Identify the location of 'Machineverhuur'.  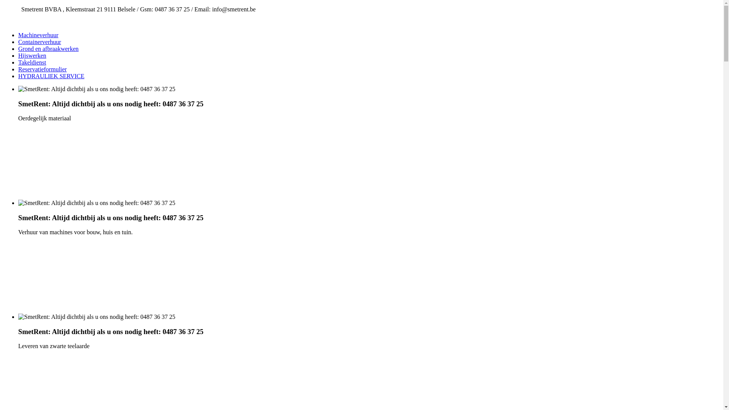
(38, 35).